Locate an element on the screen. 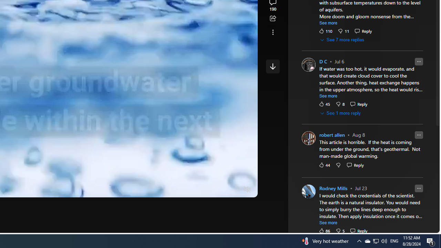 The width and height of the screenshot is (441, 248). '86 Like' is located at coordinates (324, 231).